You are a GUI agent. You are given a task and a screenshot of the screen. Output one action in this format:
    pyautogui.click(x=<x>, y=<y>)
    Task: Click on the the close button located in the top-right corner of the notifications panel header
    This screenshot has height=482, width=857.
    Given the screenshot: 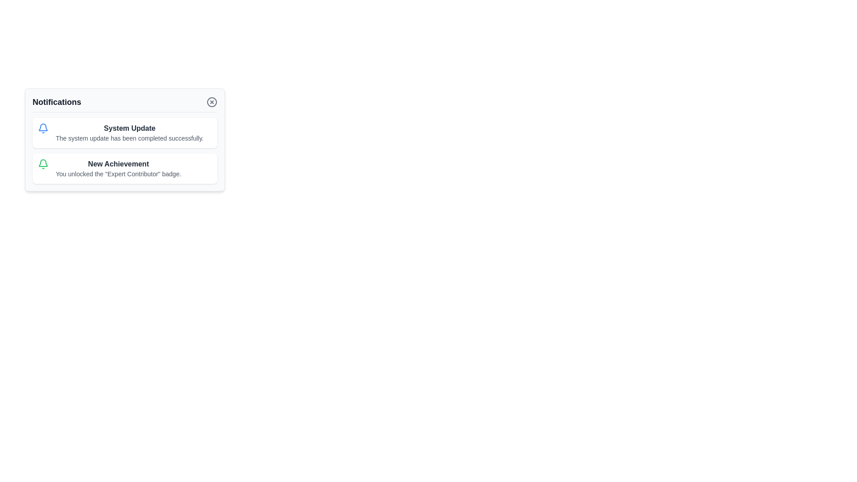 What is the action you would take?
    pyautogui.click(x=212, y=101)
    